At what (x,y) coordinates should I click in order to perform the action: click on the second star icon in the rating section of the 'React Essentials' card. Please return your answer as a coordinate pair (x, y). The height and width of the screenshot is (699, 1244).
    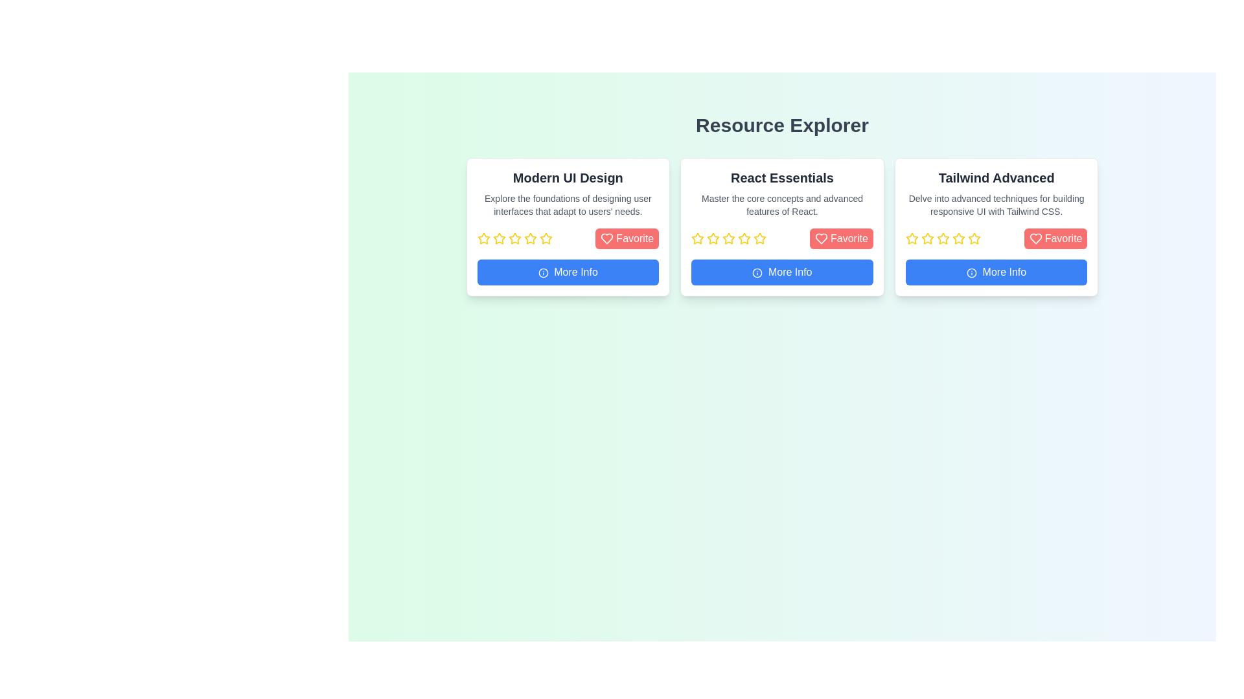
    Looking at the image, I should click on (697, 238).